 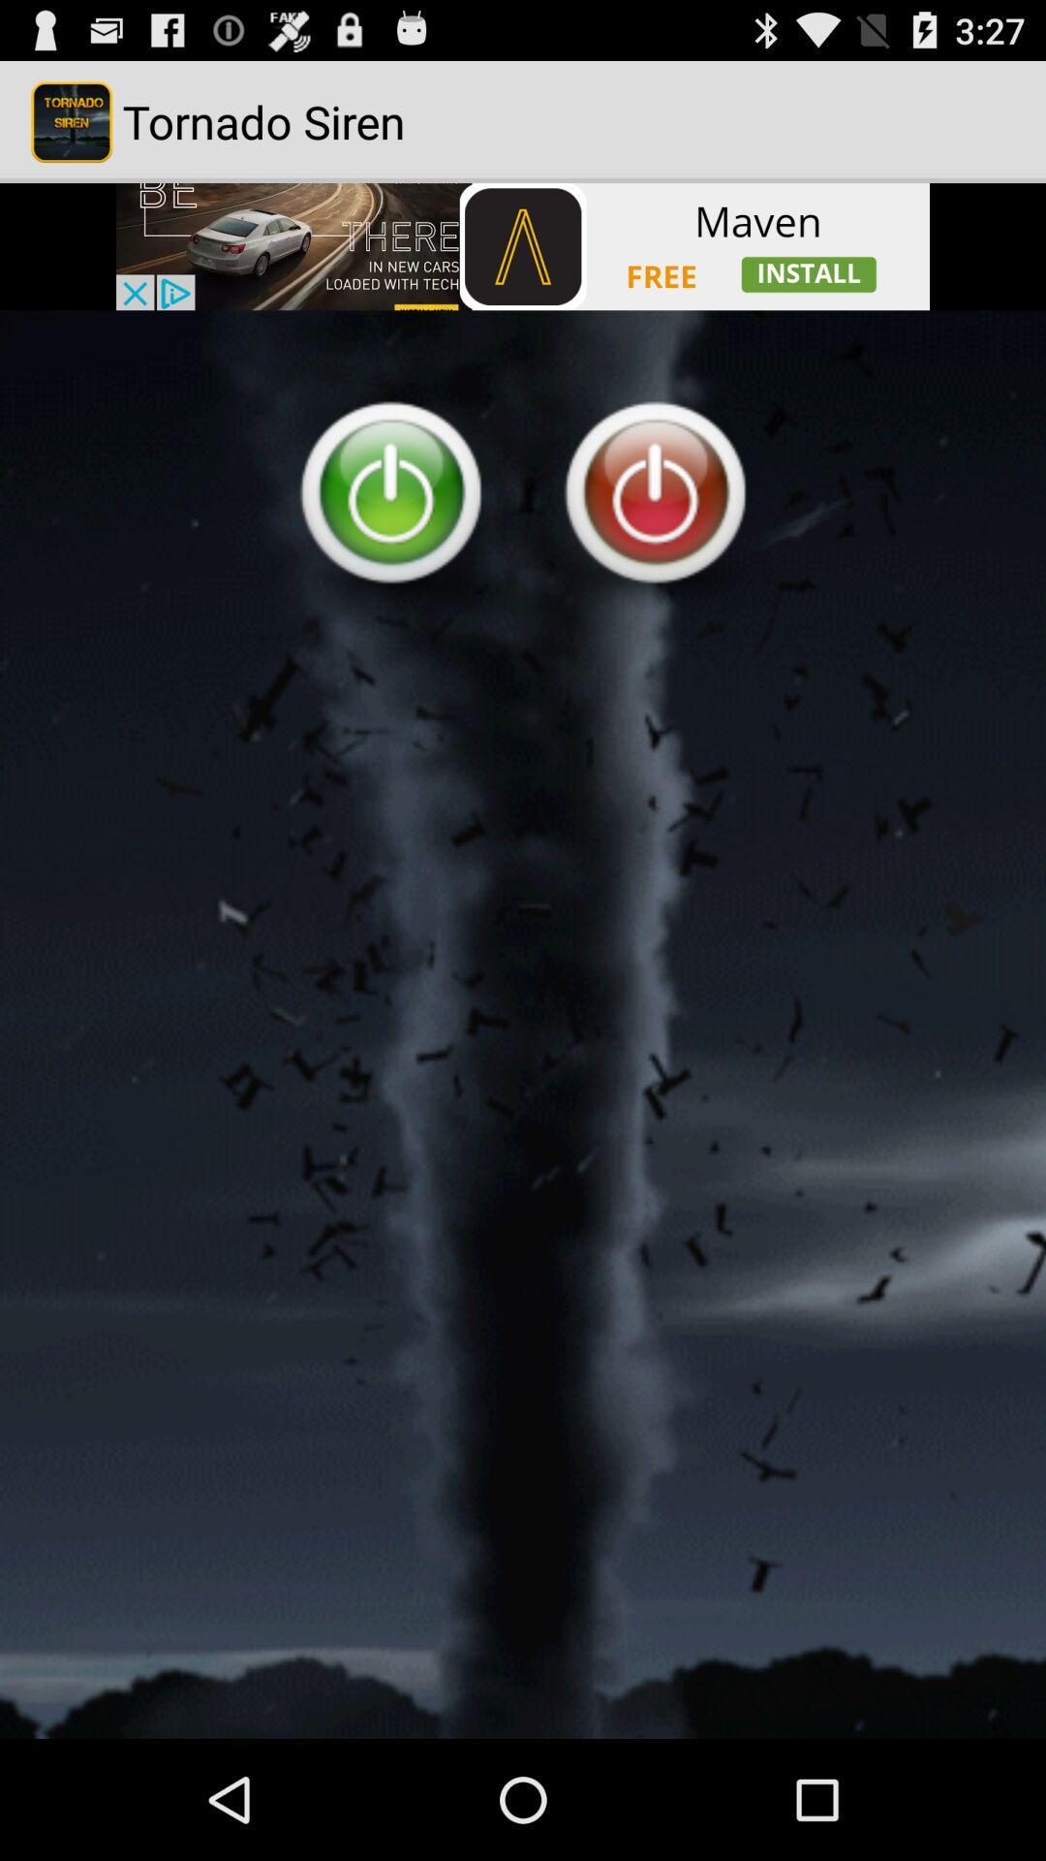 I want to click on sound effect, so click(x=523, y=1024).